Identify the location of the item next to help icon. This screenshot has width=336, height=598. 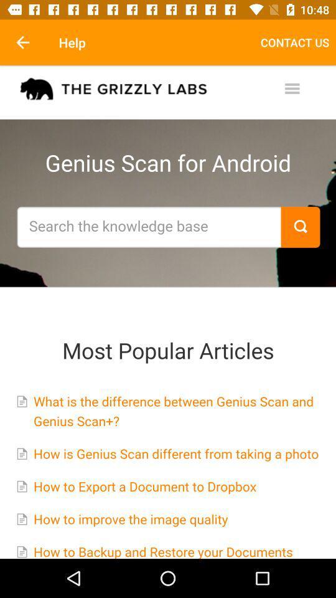
(22, 42).